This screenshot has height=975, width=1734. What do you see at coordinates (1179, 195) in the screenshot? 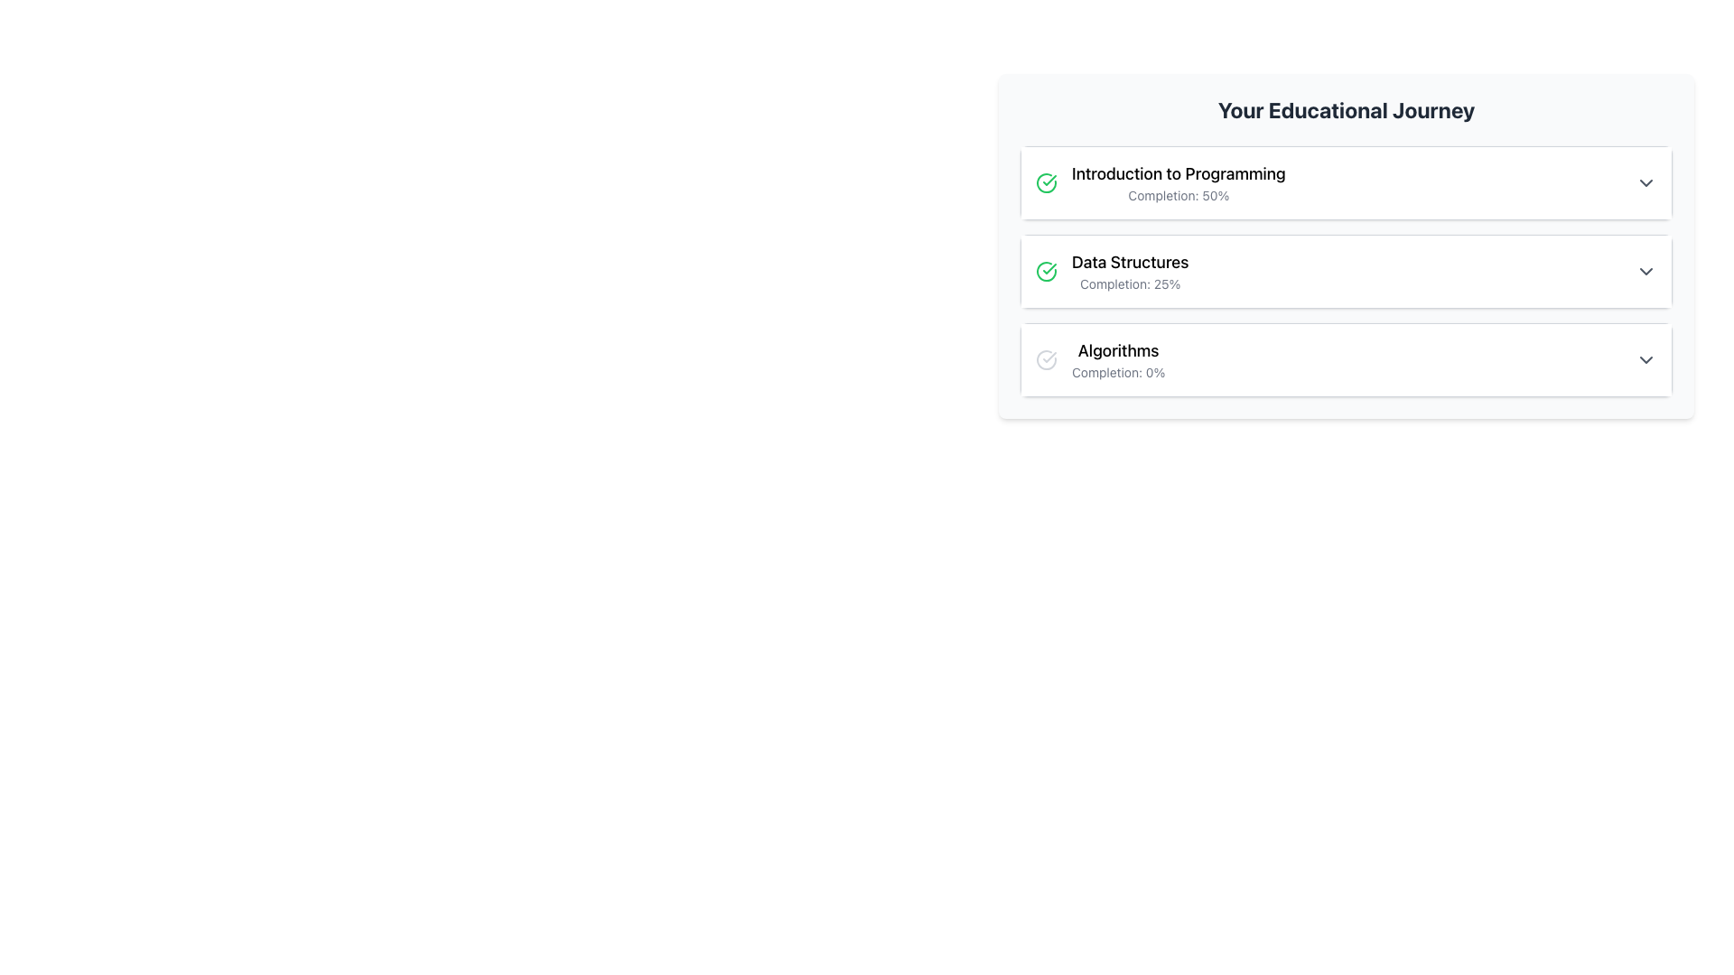
I see `the text label displaying 'Completion: 50%' that is located immediately below the title 'Introduction to Programming' within its course module card` at bounding box center [1179, 195].